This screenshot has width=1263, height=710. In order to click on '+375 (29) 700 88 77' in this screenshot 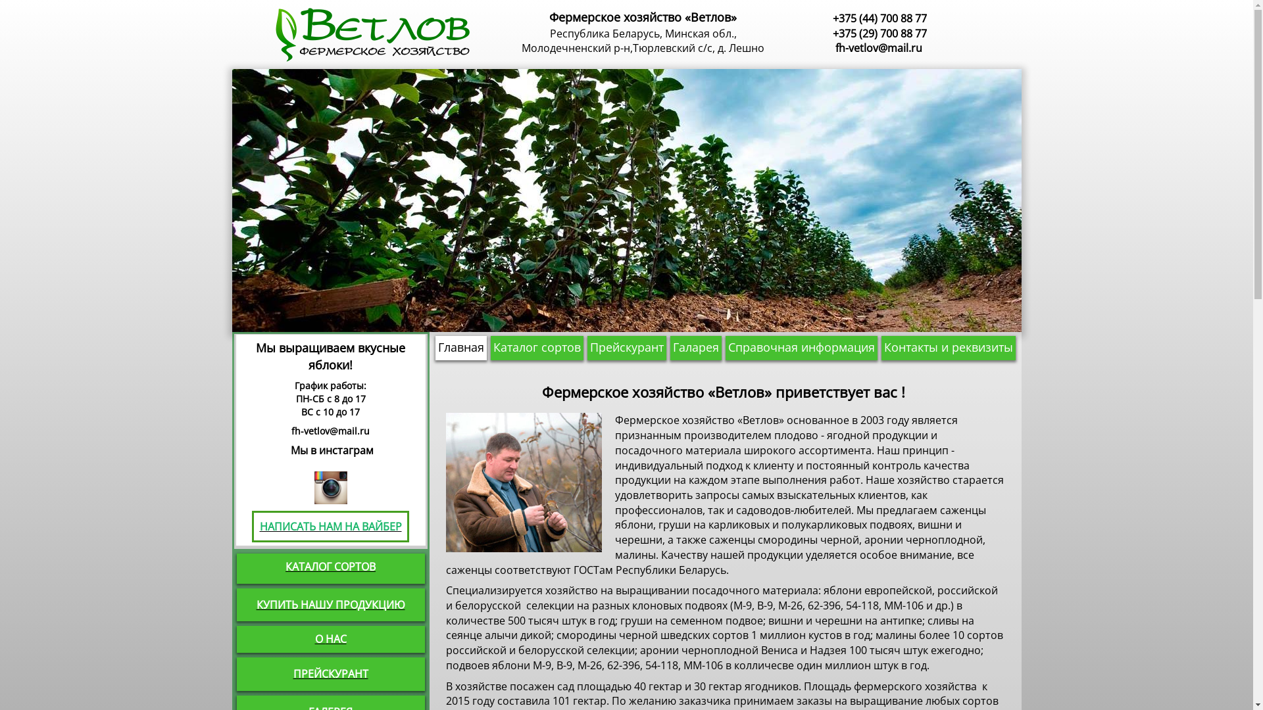, I will do `click(879, 32)`.